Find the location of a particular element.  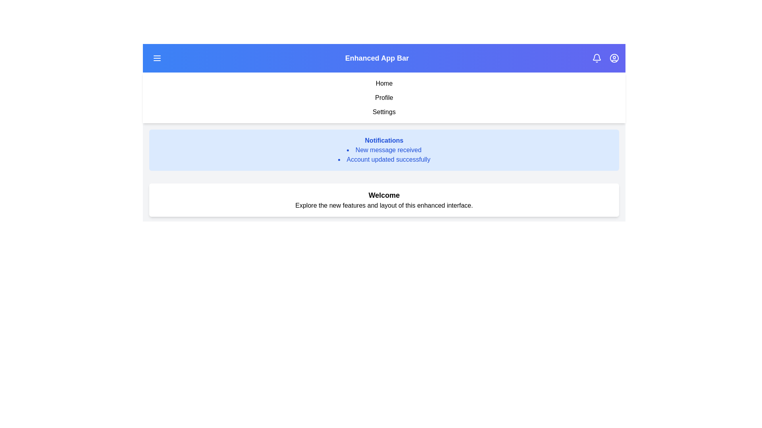

the menu button to toggle the menu visibility is located at coordinates (157, 57).